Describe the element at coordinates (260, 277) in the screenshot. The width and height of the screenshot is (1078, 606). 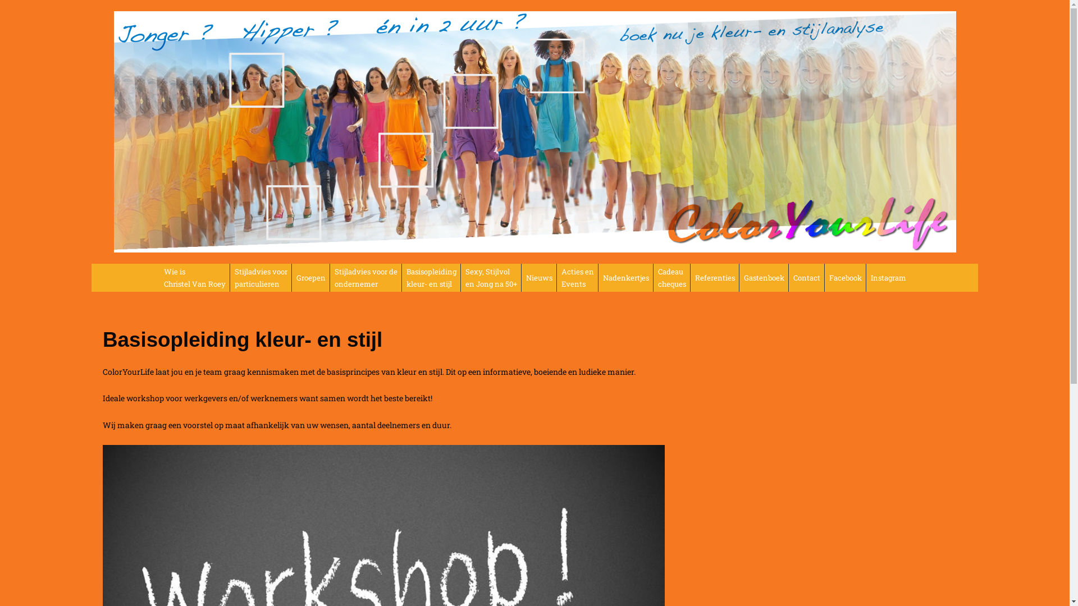
I see `'Stijladvies voor` at that location.